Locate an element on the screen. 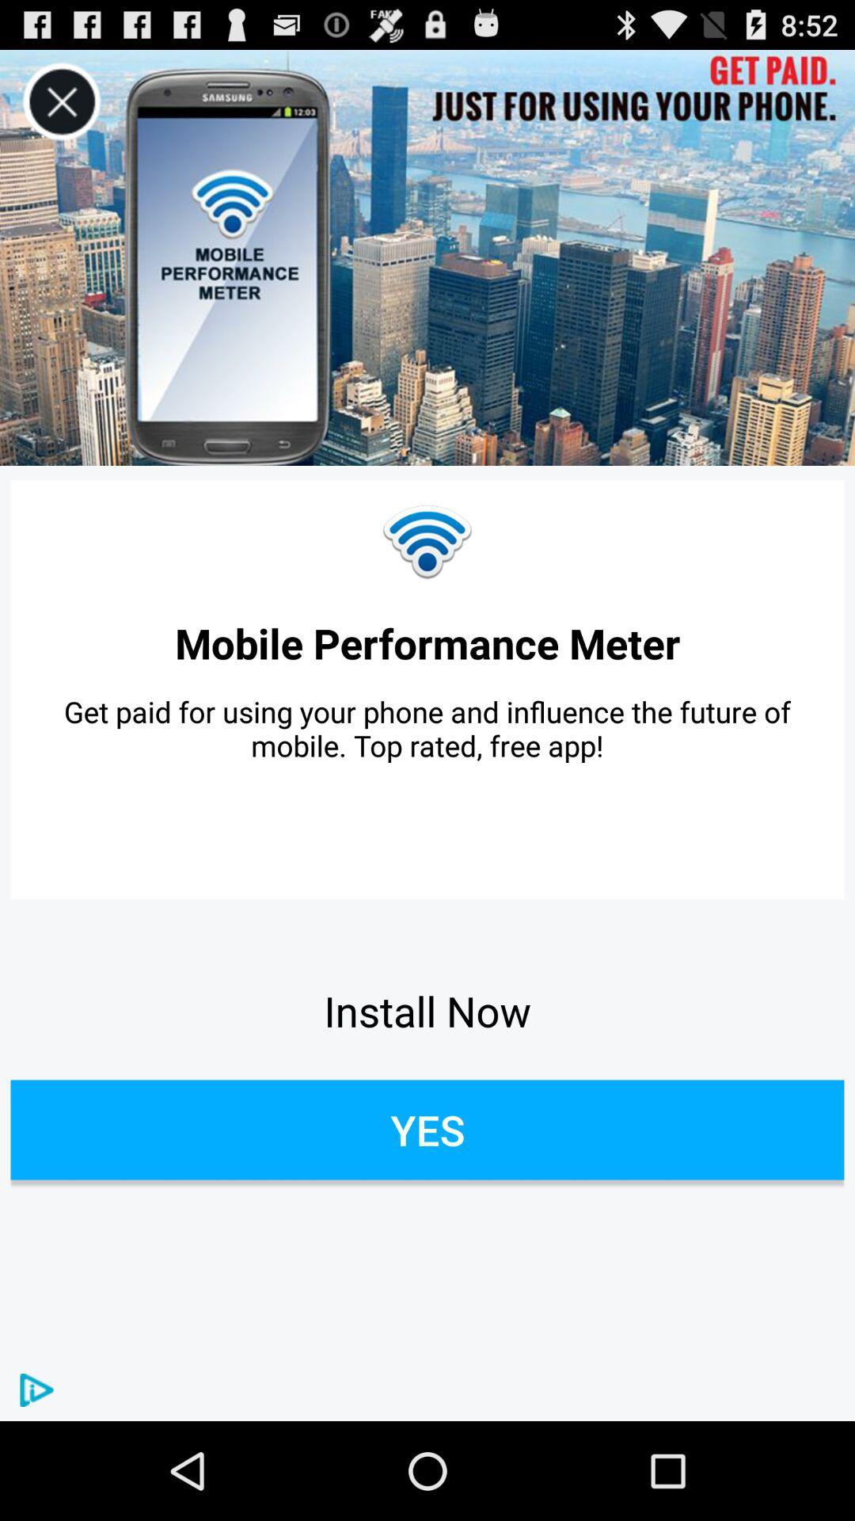  the app below install now is located at coordinates (427, 1129).